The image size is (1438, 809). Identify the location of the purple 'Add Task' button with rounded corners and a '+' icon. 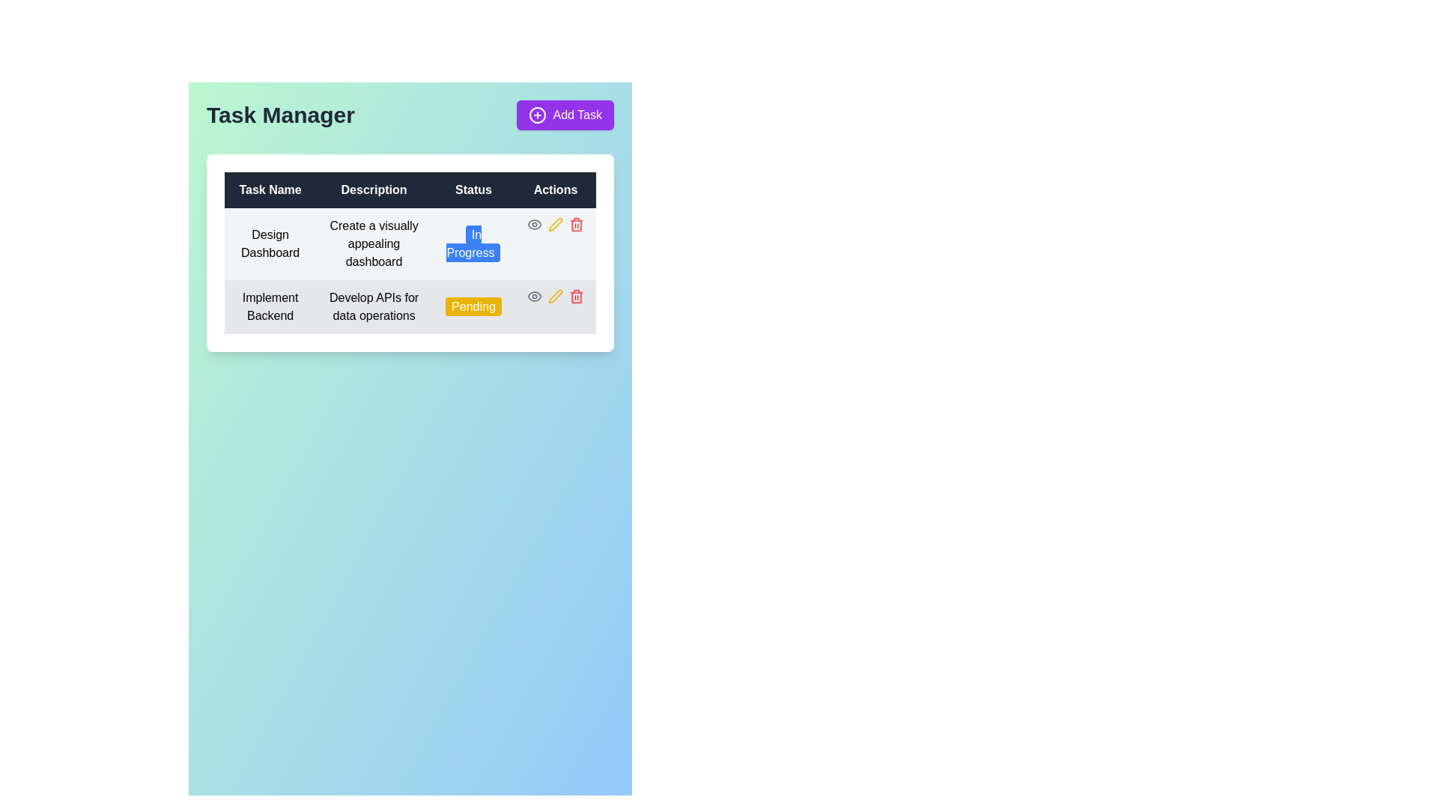
(565, 115).